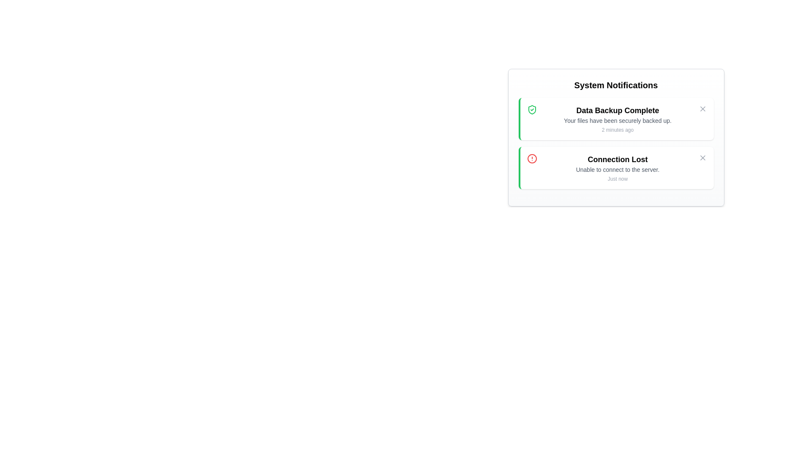 The height and width of the screenshot is (456, 811). I want to click on close button for the notification titled 'Connection Lost', so click(702, 158).